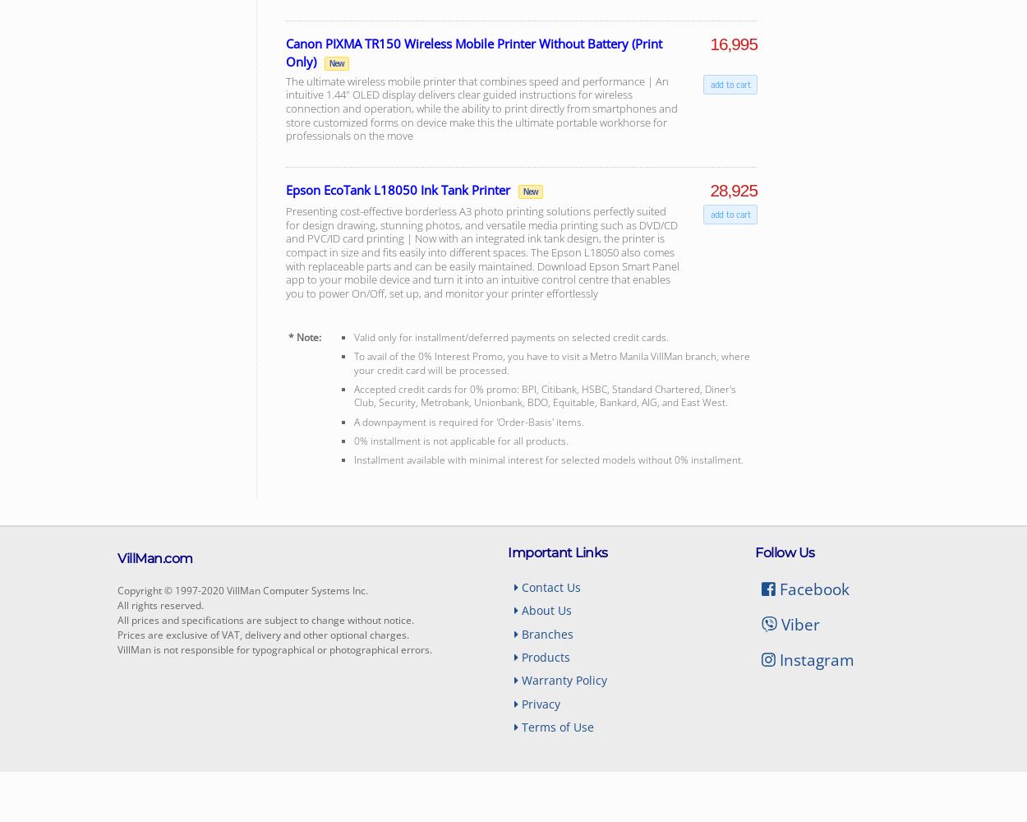 The image size is (1027, 822). I want to click on 'Facebook', so click(811, 587).